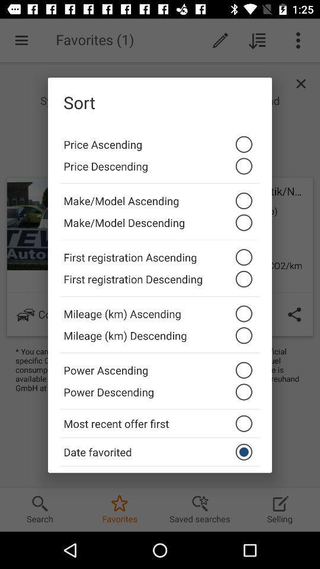  I want to click on icon above power descending item, so click(160, 366).